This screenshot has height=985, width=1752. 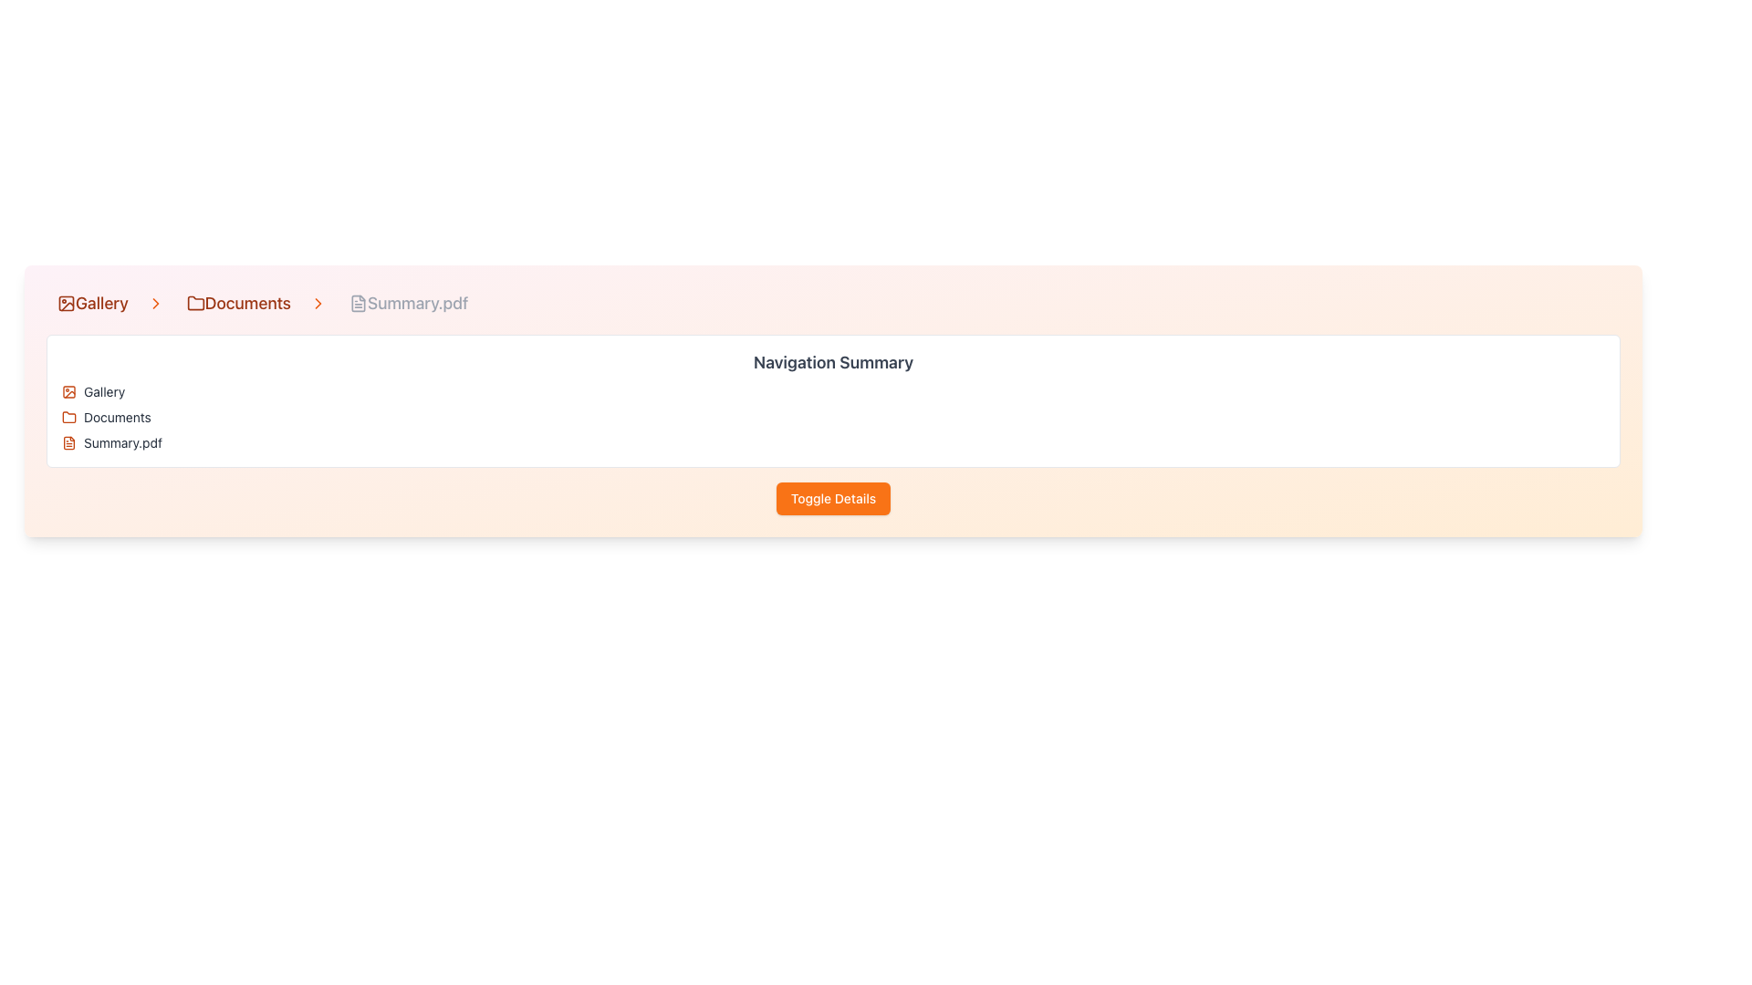 What do you see at coordinates (91, 302) in the screenshot?
I see `the navigation link at the top left of the interface that directs to the gallery section` at bounding box center [91, 302].